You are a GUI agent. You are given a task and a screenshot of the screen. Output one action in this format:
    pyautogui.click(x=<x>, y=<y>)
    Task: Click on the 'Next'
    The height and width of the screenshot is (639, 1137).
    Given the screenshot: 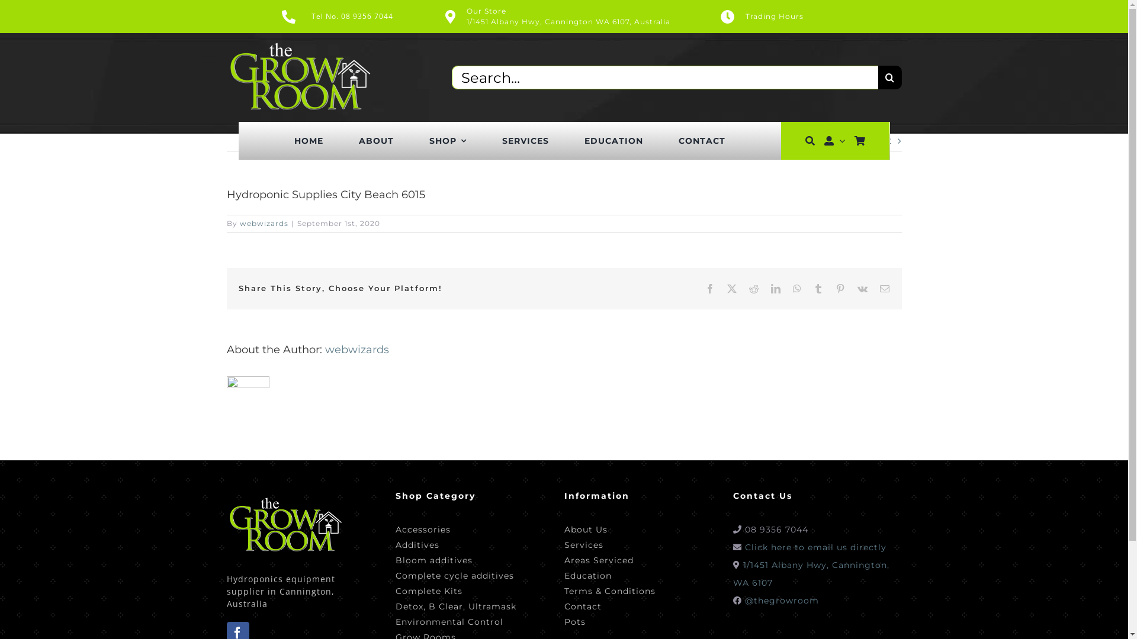 What is the action you would take?
    pyautogui.click(x=879, y=140)
    